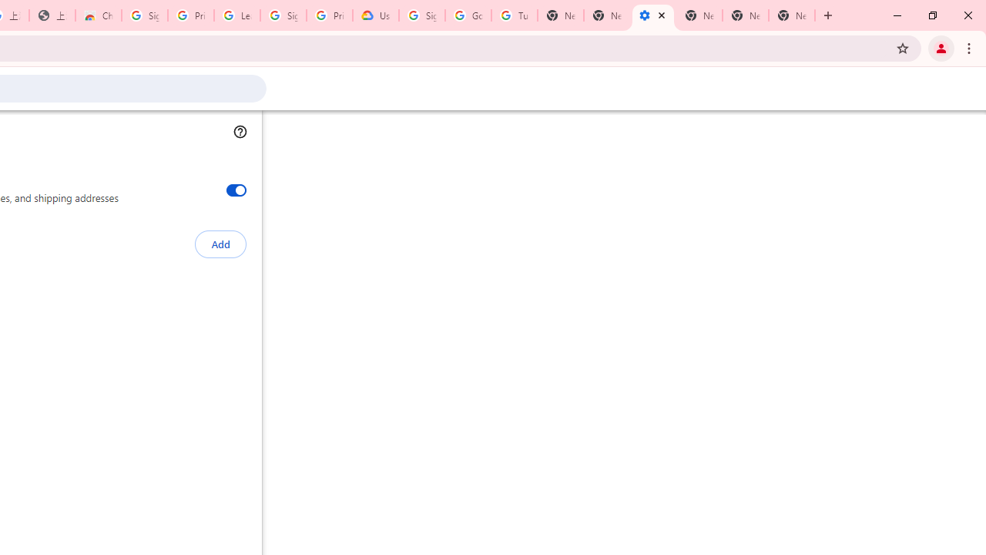 This screenshot has height=555, width=986. I want to click on 'Settings - Addresses and more', so click(653, 15).